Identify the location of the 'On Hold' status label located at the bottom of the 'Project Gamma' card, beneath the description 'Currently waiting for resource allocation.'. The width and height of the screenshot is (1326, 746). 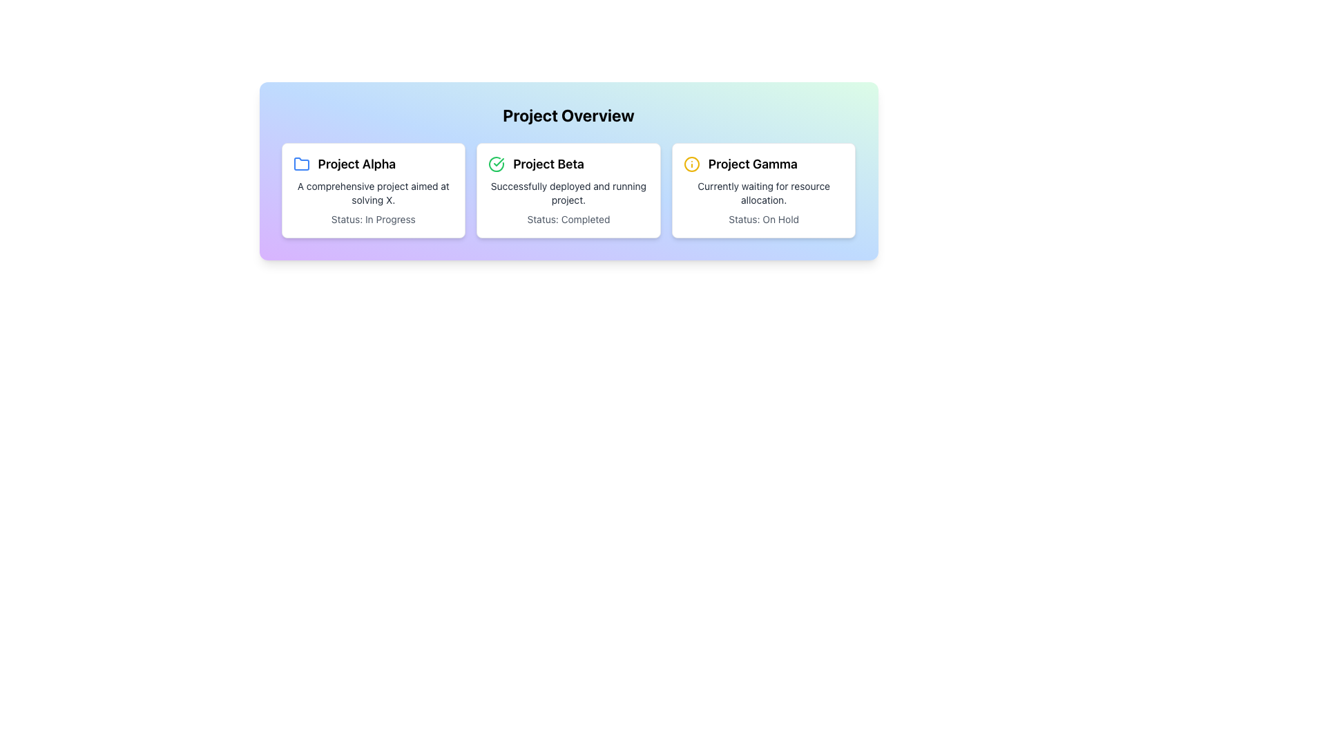
(763, 218).